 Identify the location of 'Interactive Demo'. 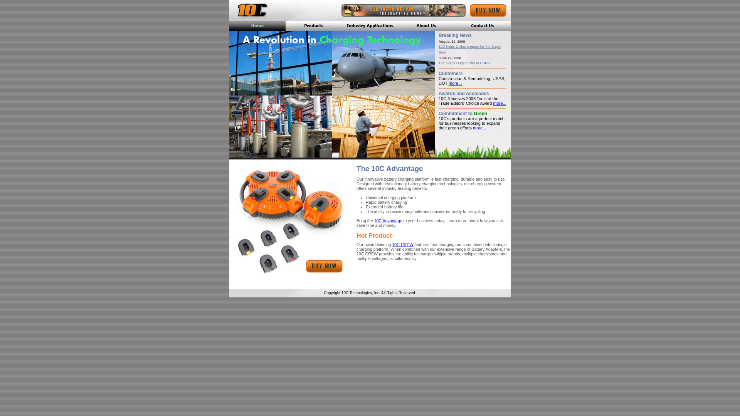
(403, 10).